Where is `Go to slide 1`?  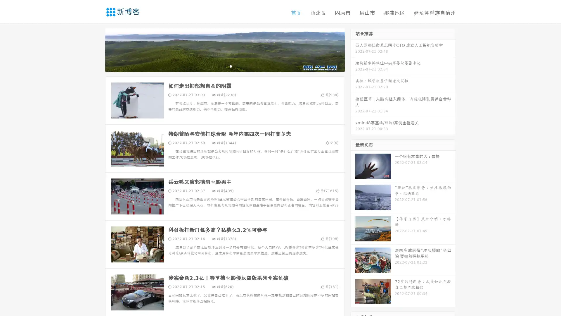
Go to slide 1 is located at coordinates (219, 66).